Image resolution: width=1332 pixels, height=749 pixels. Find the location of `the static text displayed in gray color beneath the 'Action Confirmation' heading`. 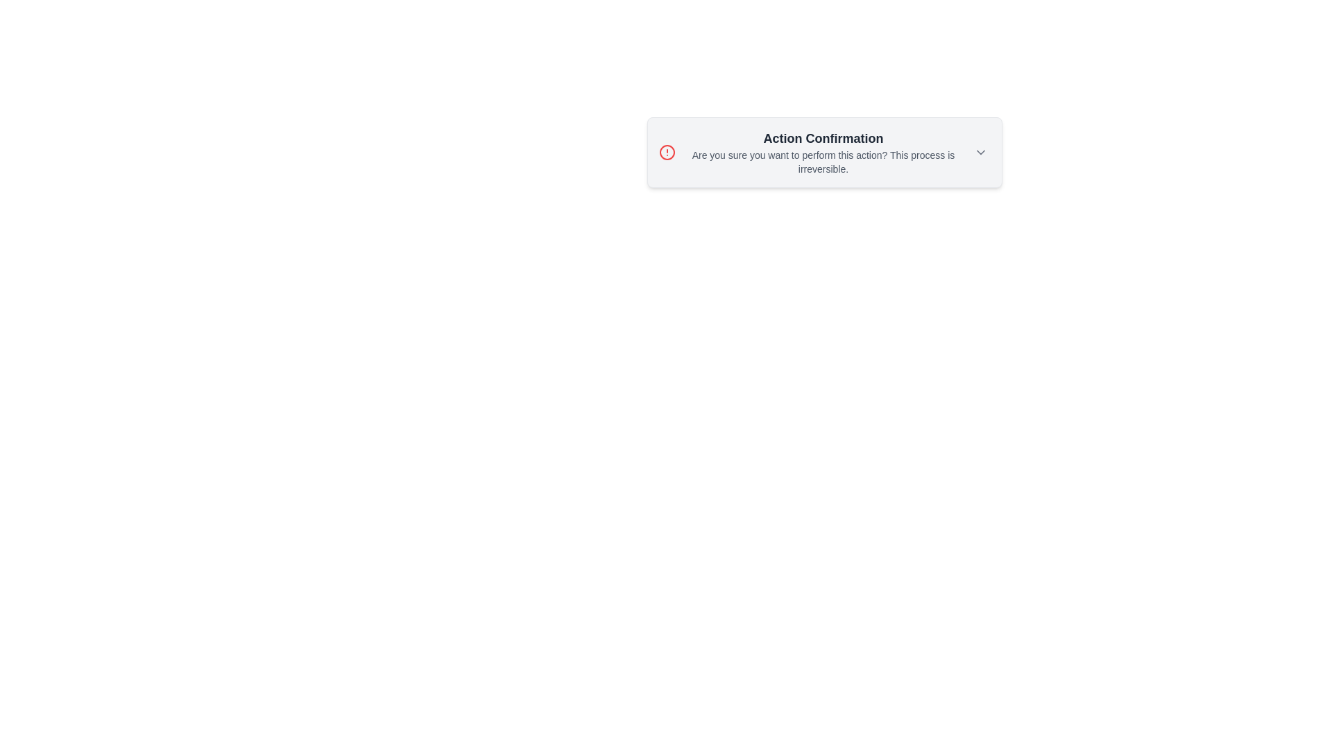

the static text displayed in gray color beneath the 'Action Confirmation' heading is located at coordinates (823, 162).